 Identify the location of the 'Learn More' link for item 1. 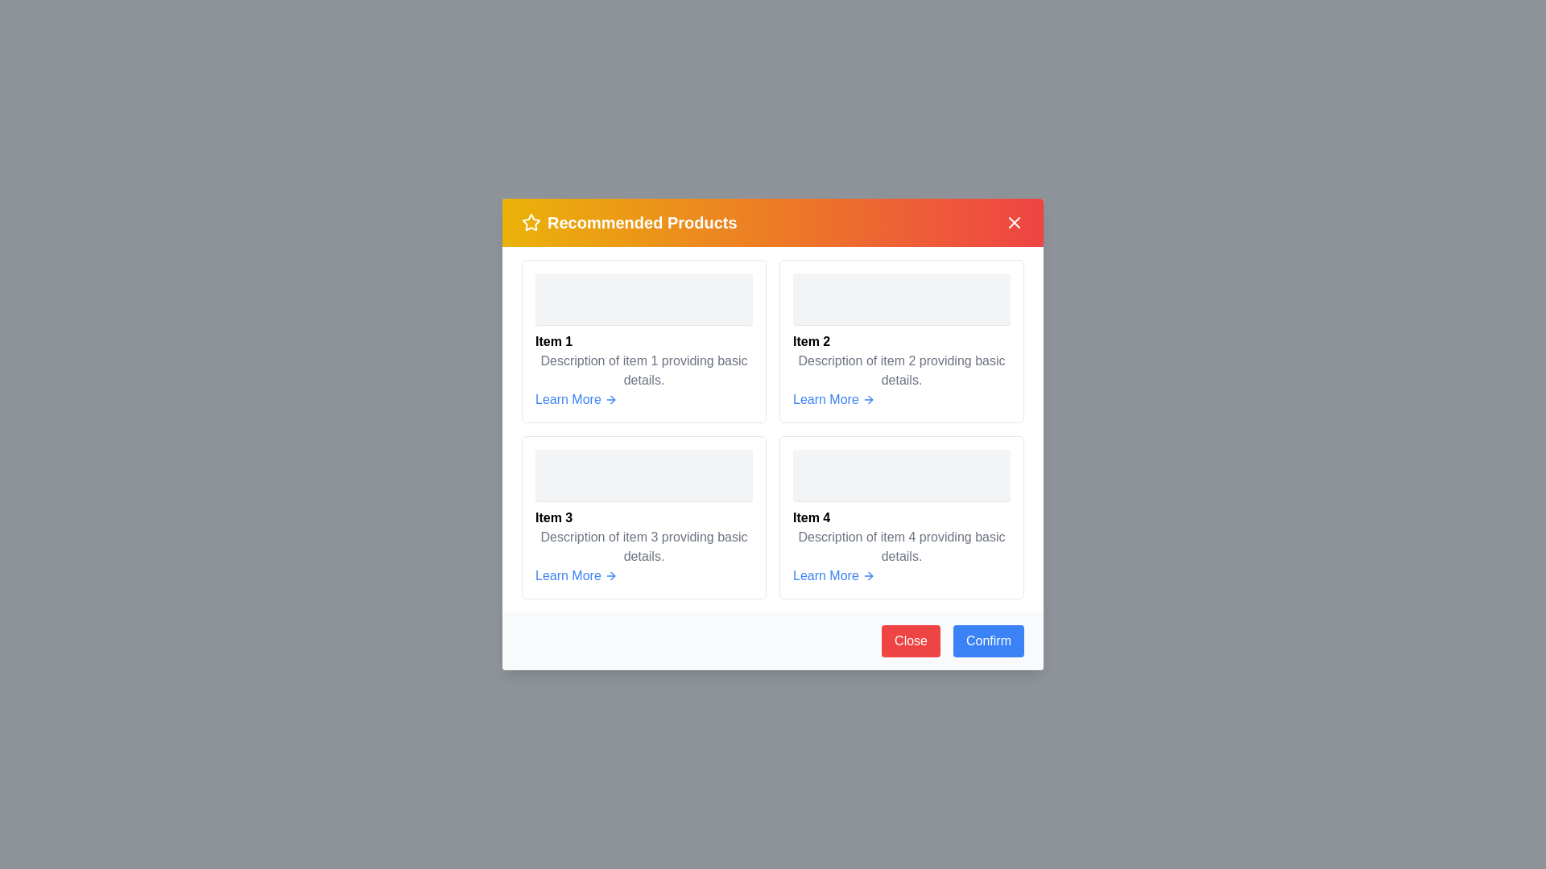
(576, 399).